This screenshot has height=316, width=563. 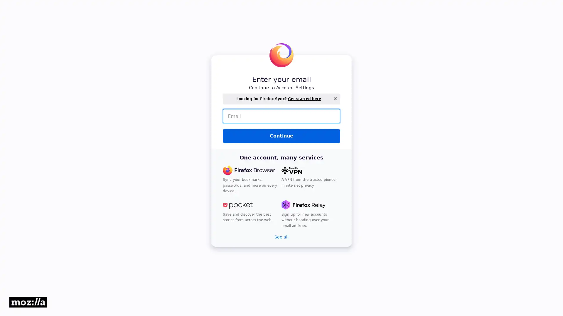 What do you see at coordinates (281, 136) in the screenshot?
I see `Continue` at bounding box center [281, 136].